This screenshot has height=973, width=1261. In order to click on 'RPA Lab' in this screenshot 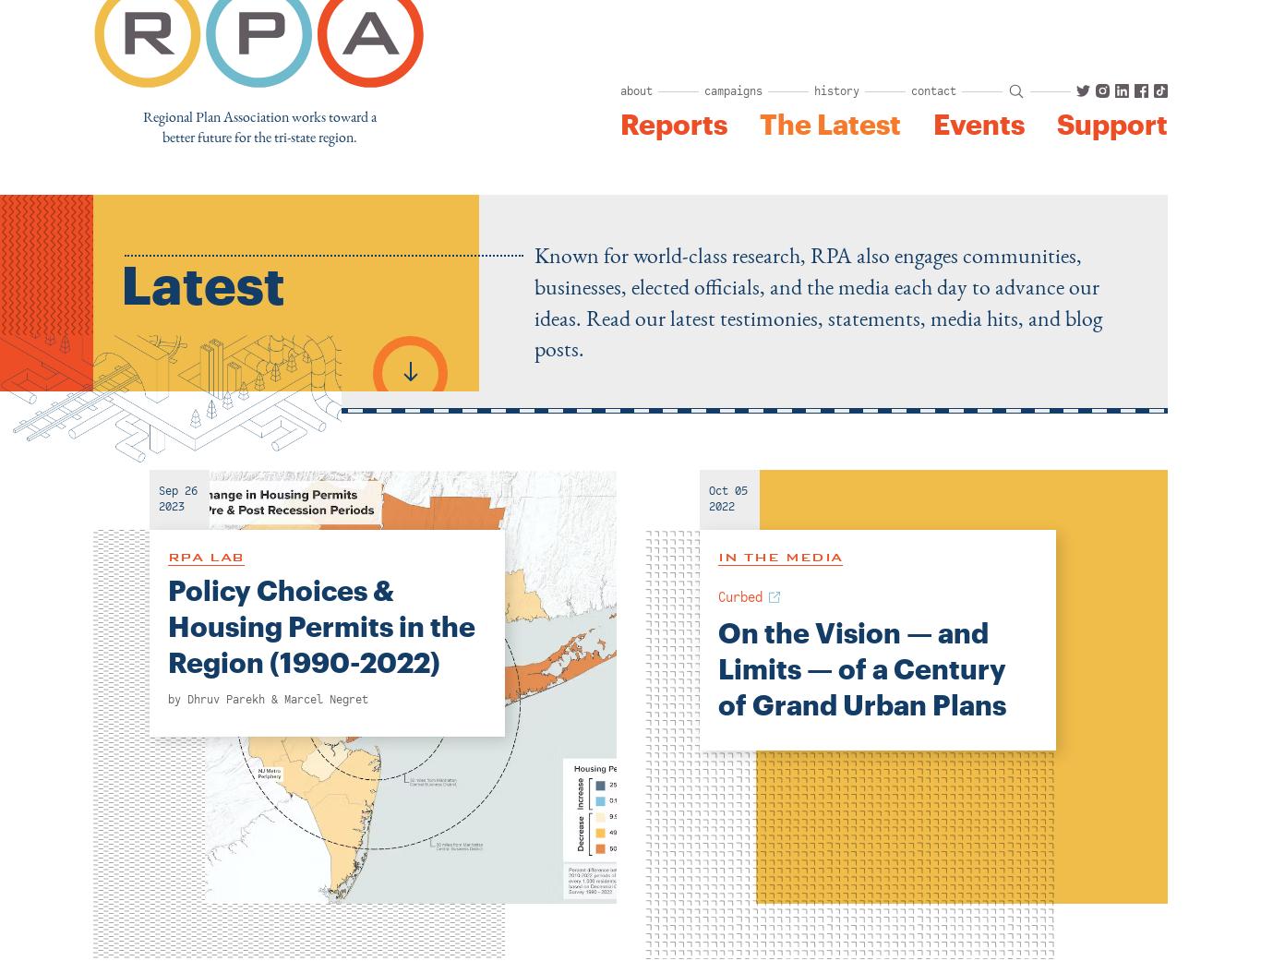, I will do `click(205, 555)`.